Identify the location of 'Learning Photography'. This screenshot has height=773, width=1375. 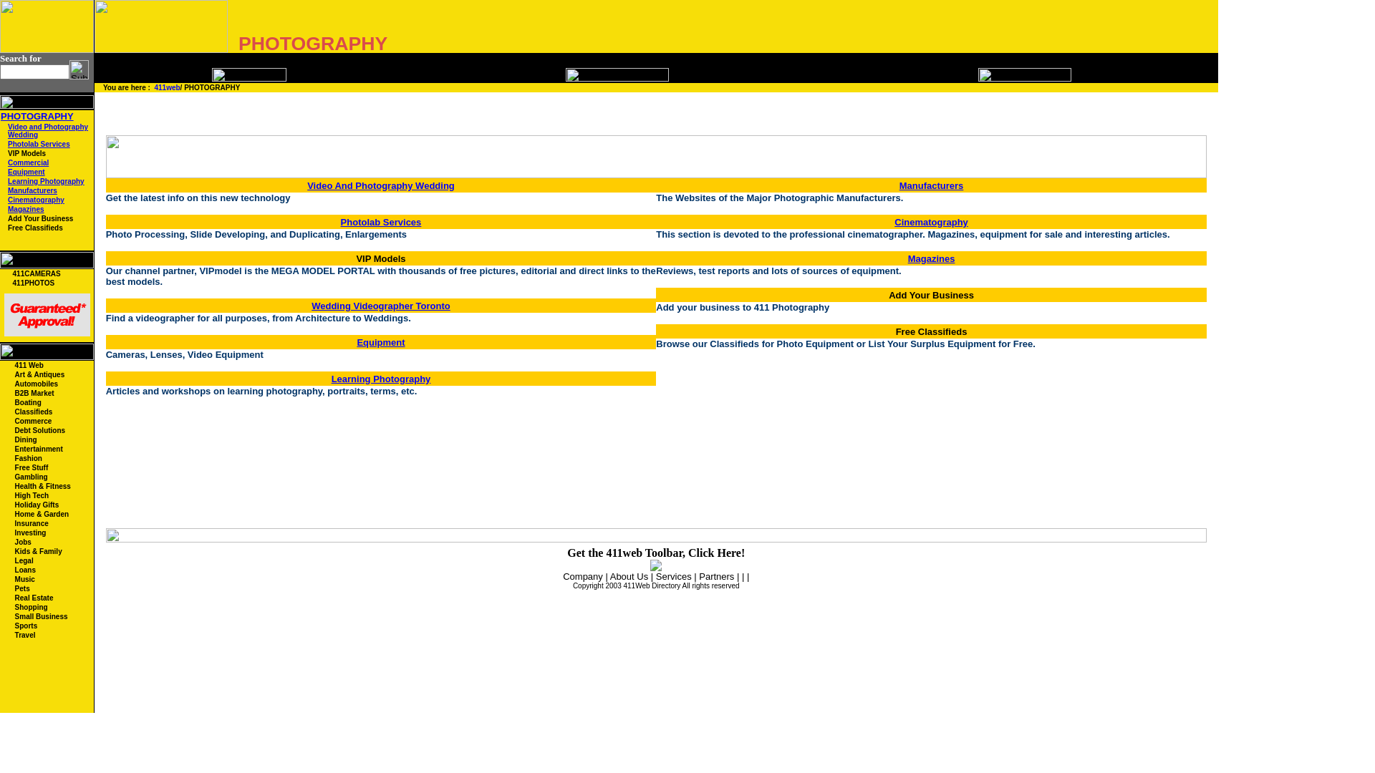
(46, 180).